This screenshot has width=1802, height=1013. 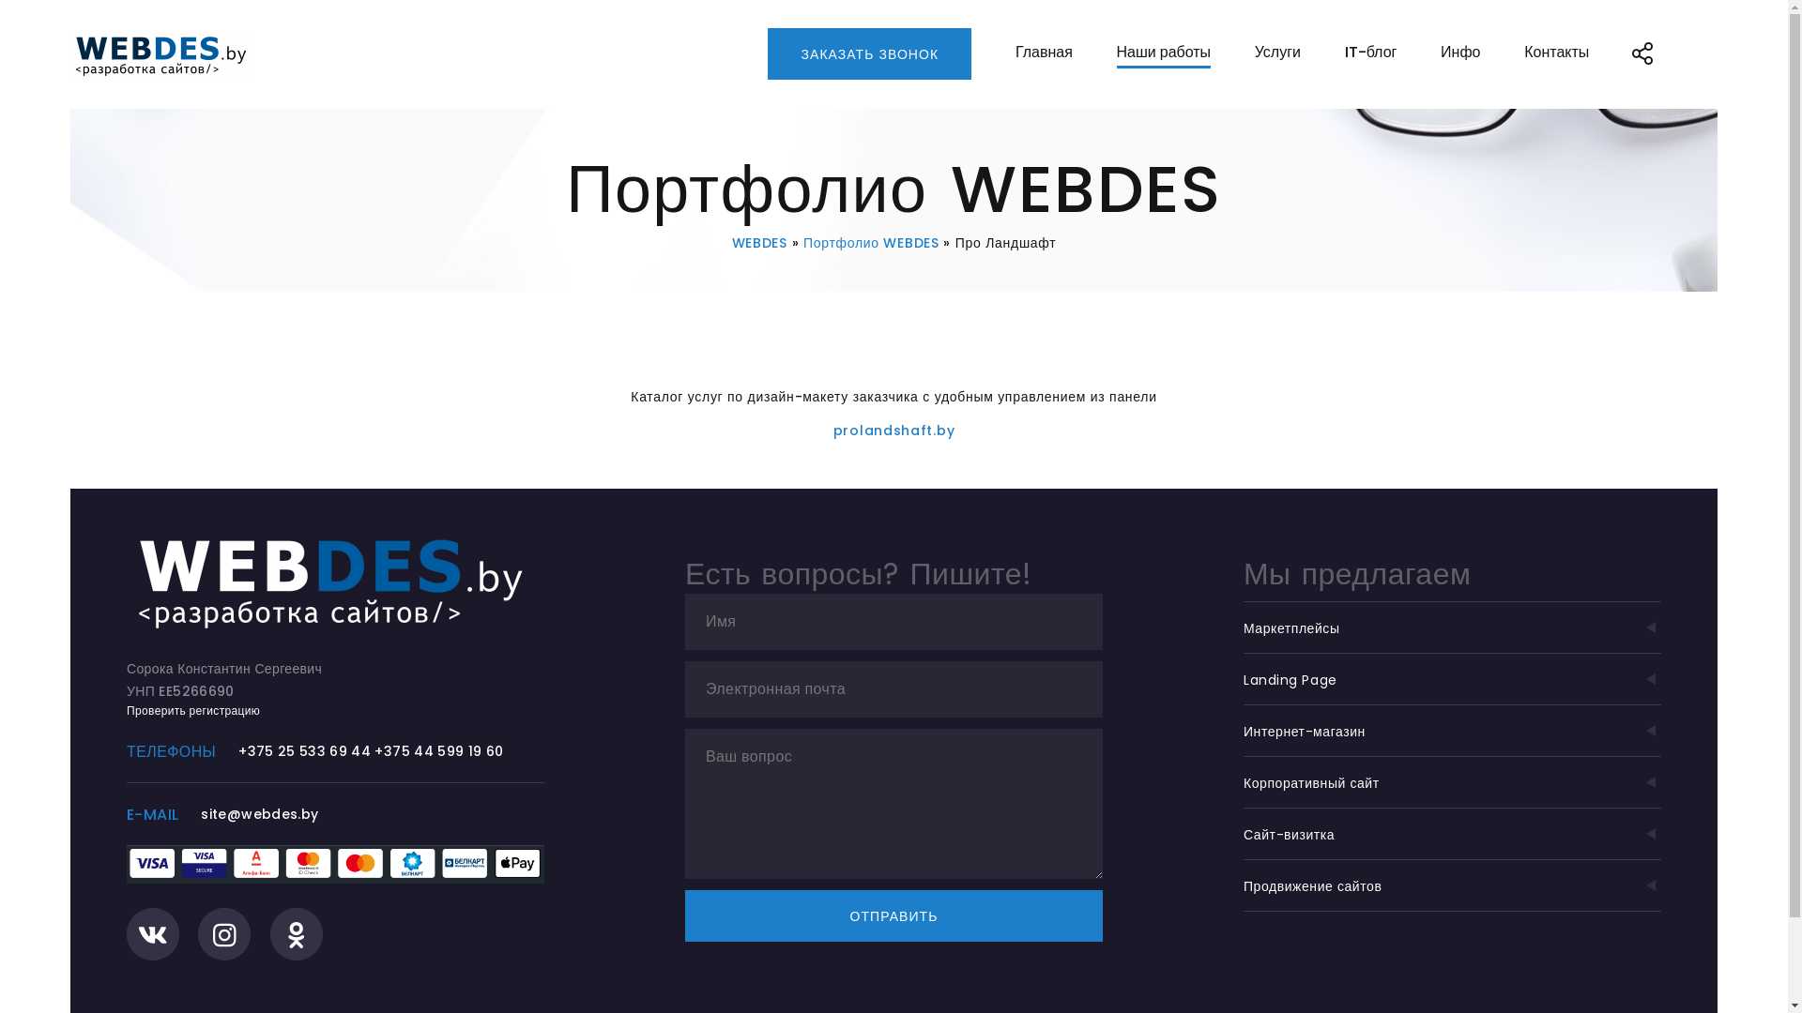 I want to click on 'WEBDES', so click(x=730, y=241).